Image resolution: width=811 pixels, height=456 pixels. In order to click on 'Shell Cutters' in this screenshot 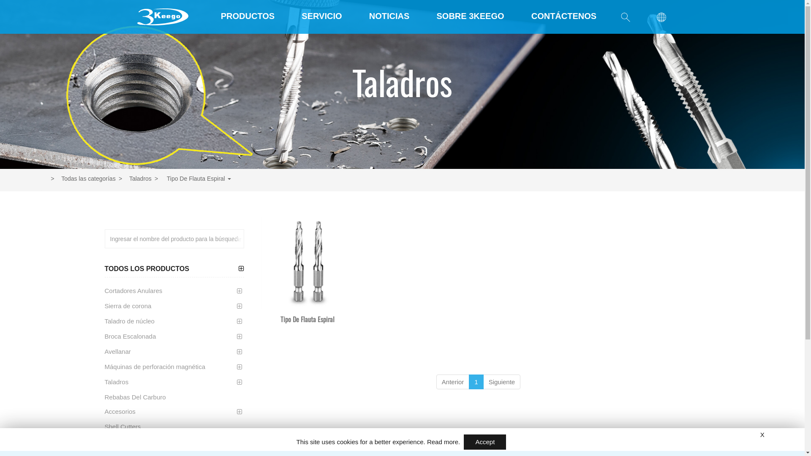, I will do `click(122, 426)`.